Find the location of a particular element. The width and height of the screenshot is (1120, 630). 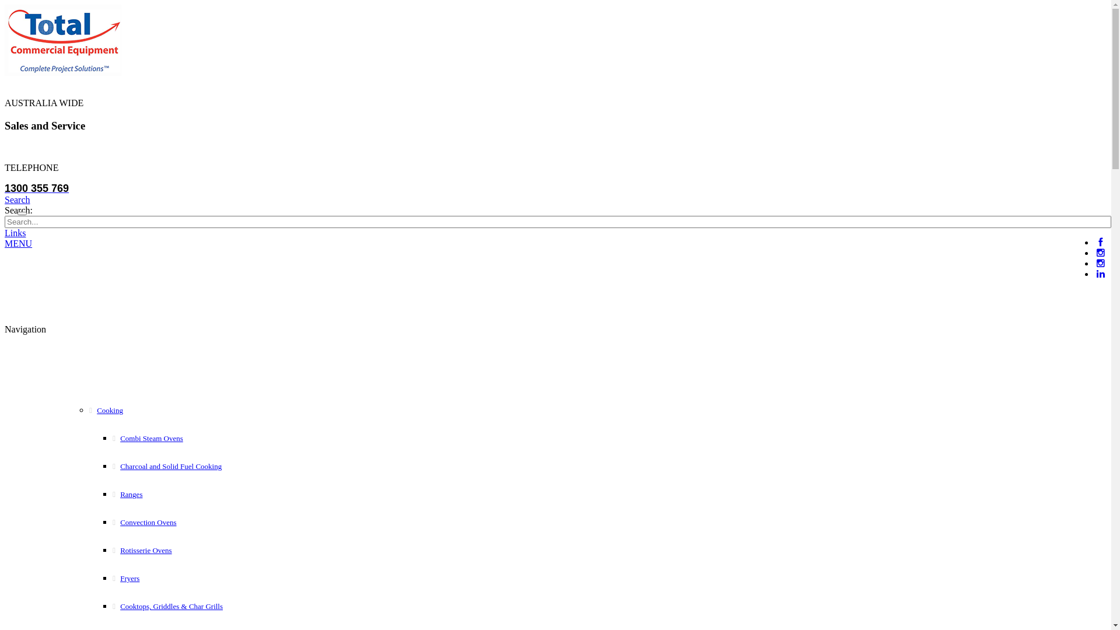

'1300 355 769' is located at coordinates (5, 188).